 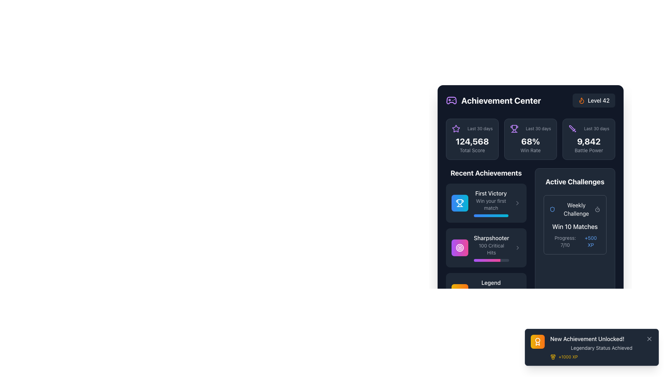 What do you see at coordinates (598, 101) in the screenshot?
I see `text displayed in the Text Label that shows 'Level 42', which is styled with a white font on a dark background, located in the upper right section adjacent to a flame icon` at bounding box center [598, 101].